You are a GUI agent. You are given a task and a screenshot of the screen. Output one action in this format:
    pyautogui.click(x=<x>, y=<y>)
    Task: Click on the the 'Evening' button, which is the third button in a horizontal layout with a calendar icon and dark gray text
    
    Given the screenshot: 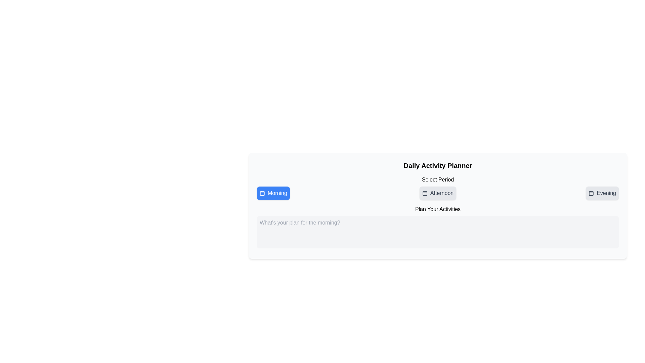 What is the action you would take?
    pyautogui.click(x=602, y=193)
    